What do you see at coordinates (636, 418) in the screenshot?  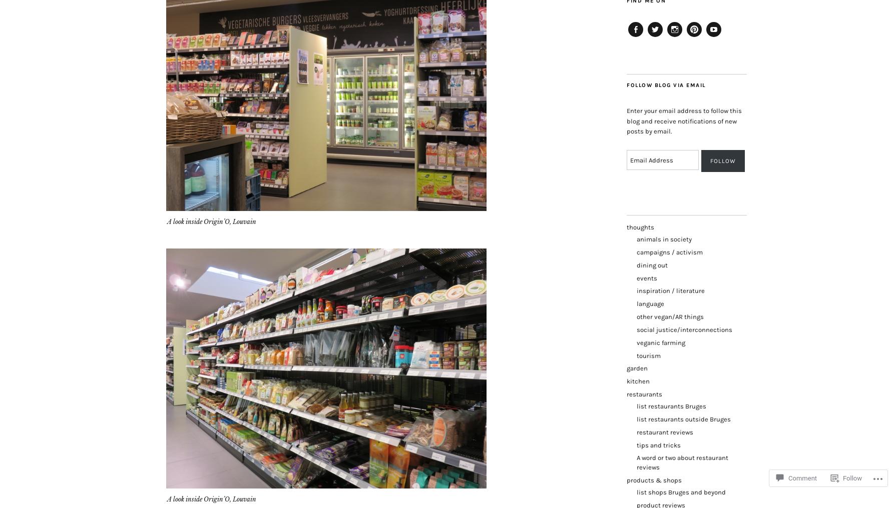 I see `'list restaurants outside Bruges'` at bounding box center [636, 418].